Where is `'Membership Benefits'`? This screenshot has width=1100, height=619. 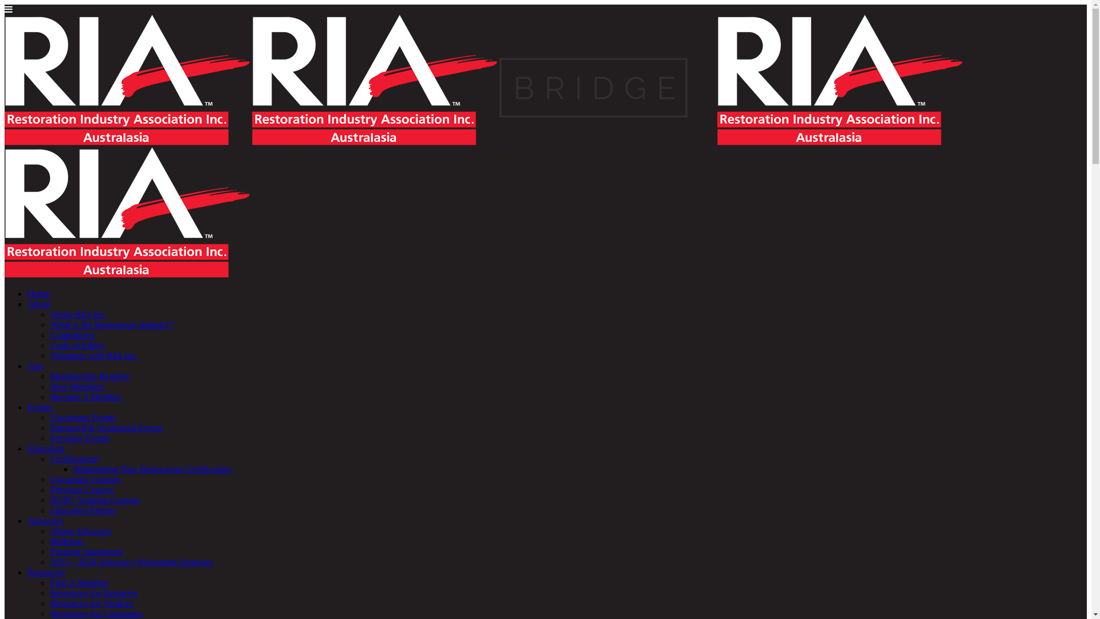
'Membership Benefits' is located at coordinates (89, 376).